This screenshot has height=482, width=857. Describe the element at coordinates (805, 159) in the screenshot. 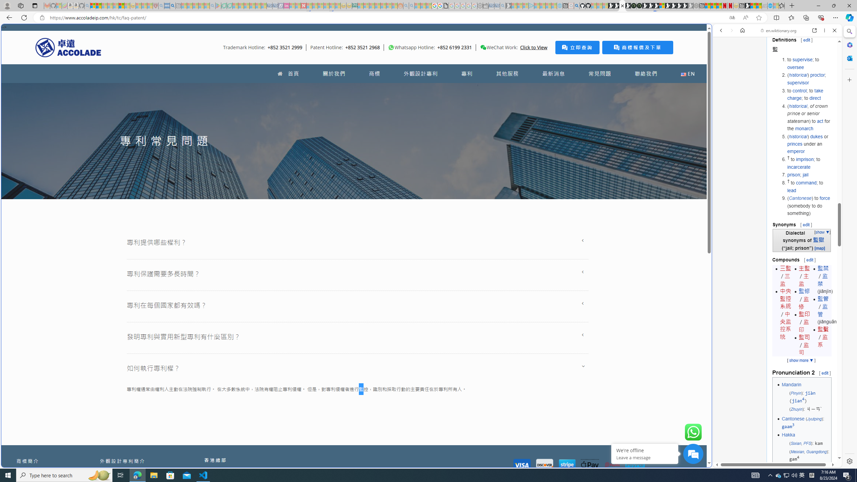

I see `'imprison'` at that location.